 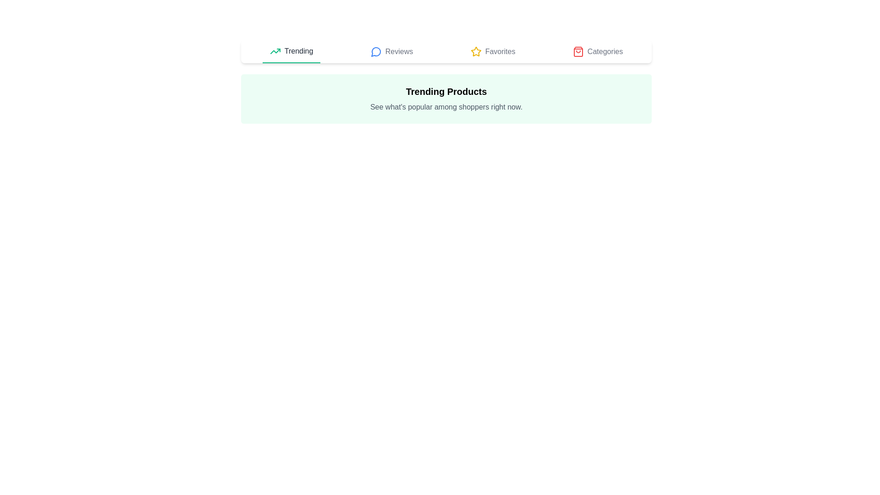 What do you see at coordinates (291, 51) in the screenshot?
I see `the 'Trending' Interactive tab button, which features green text and an upward arrow icon` at bounding box center [291, 51].